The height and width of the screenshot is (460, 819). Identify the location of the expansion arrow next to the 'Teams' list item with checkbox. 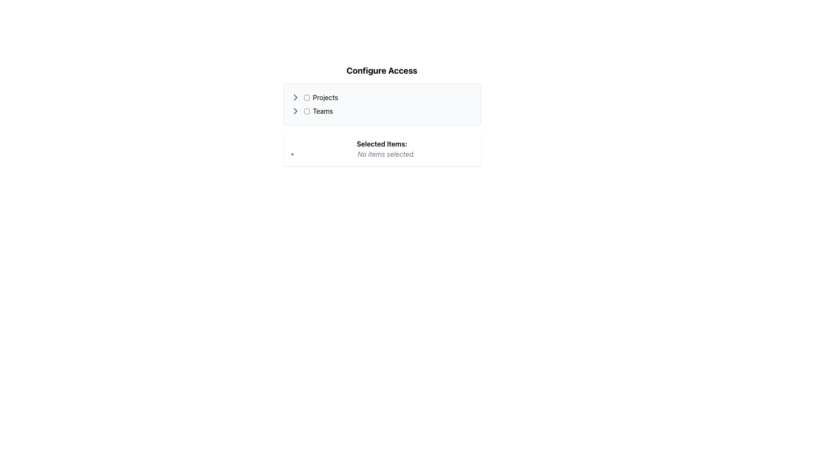
(381, 111).